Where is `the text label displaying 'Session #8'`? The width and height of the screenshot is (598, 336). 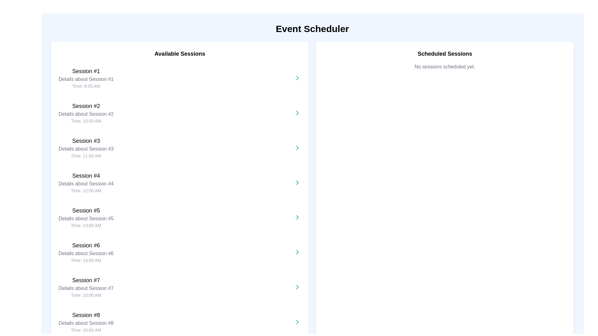 the text label displaying 'Session #8' is located at coordinates (86, 315).